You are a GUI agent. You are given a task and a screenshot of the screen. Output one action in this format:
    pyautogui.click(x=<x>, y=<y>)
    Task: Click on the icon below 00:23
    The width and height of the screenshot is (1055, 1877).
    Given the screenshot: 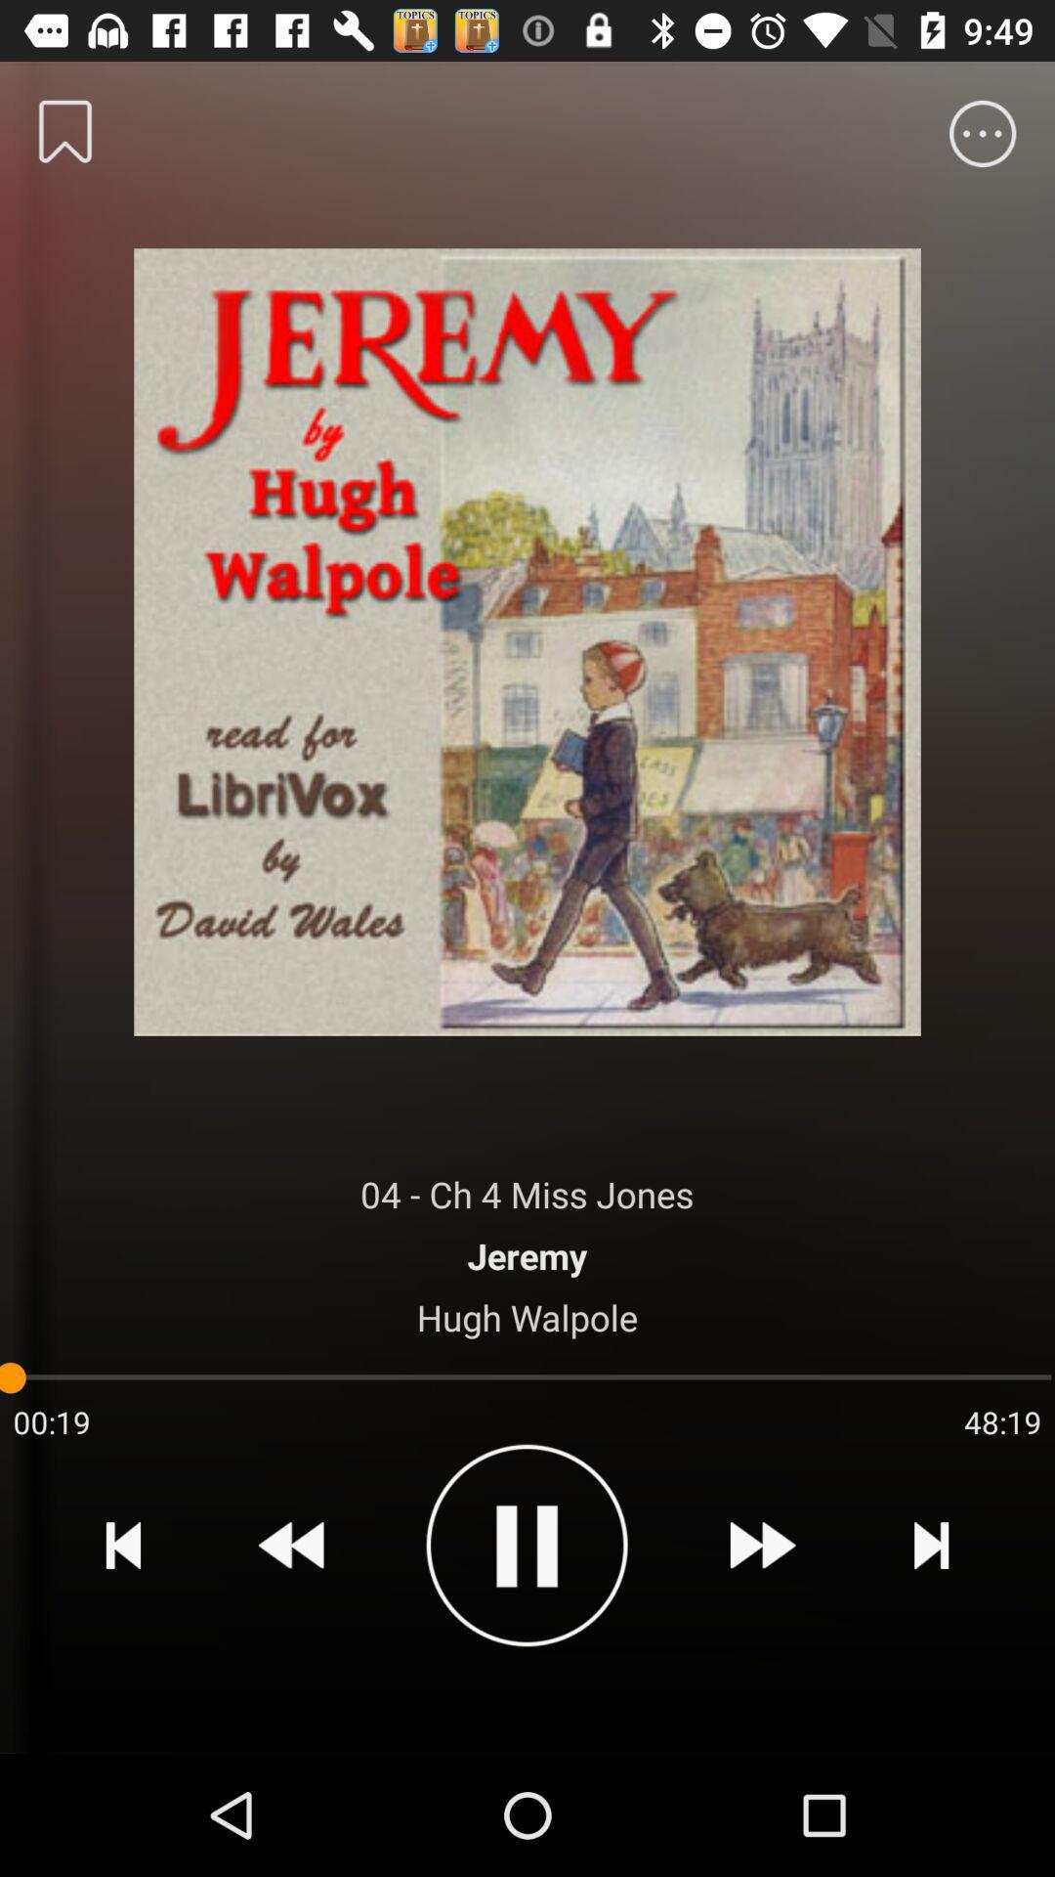 What is the action you would take?
    pyautogui.click(x=123, y=1544)
    